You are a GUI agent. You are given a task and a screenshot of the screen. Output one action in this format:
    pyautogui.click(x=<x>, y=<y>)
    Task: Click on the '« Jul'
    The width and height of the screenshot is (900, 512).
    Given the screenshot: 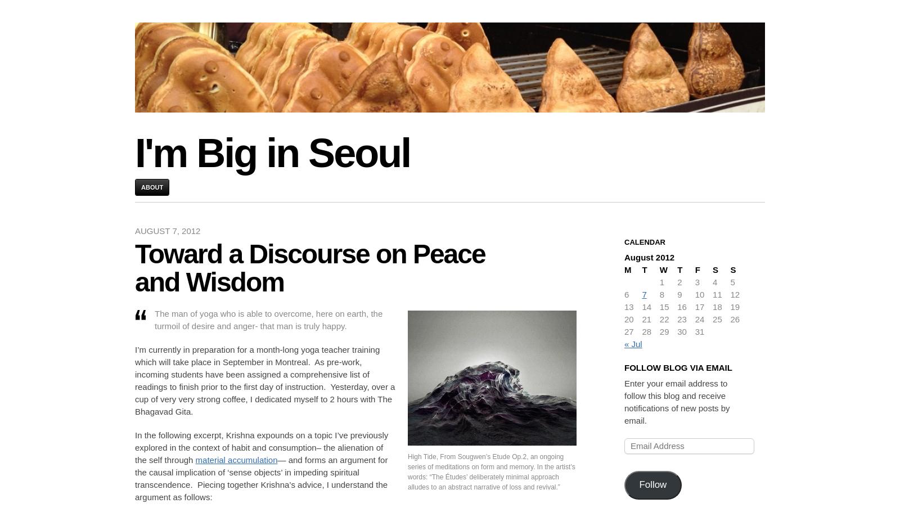 What is the action you would take?
    pyautogui.click(x=633, y=343)
    